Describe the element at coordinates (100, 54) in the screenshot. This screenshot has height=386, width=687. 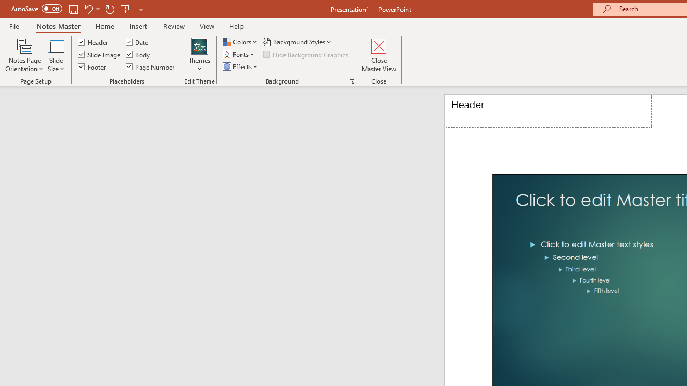
I see `'Slide Image'` at that location.